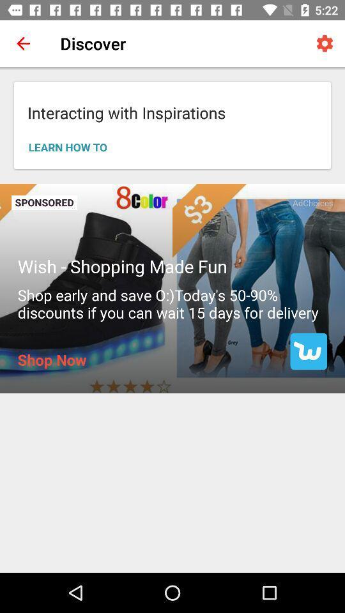 The width and height of the screenshot is (345, 613). What do you see at coordinates (23, 43) in the screenshot?
I see `item next to the discover item` at bounding box center [23, 43].